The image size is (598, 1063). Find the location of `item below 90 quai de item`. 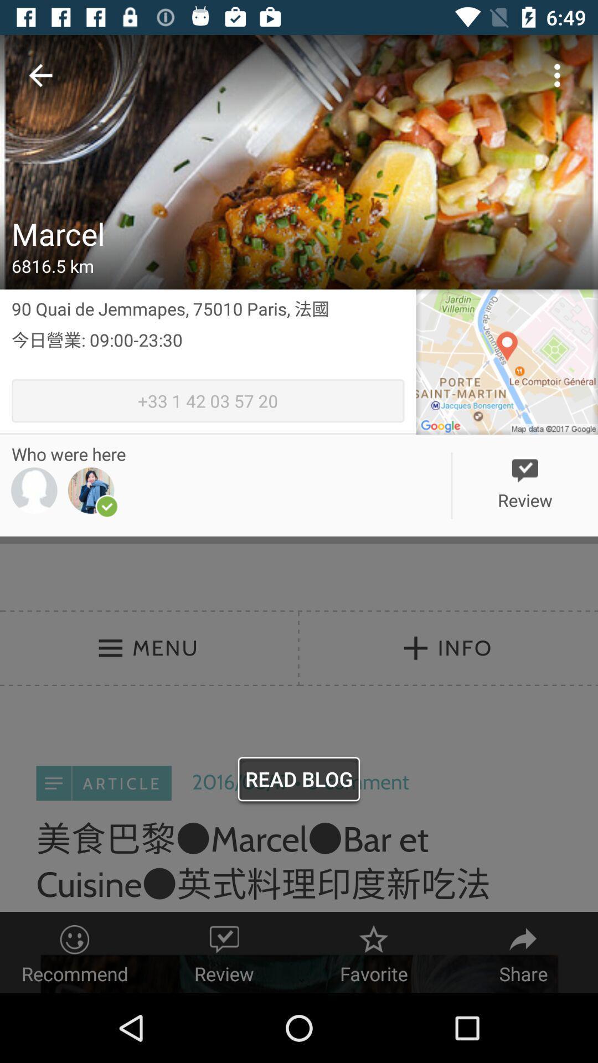

item below 90 quai de item is located at coordinates (208, 353).